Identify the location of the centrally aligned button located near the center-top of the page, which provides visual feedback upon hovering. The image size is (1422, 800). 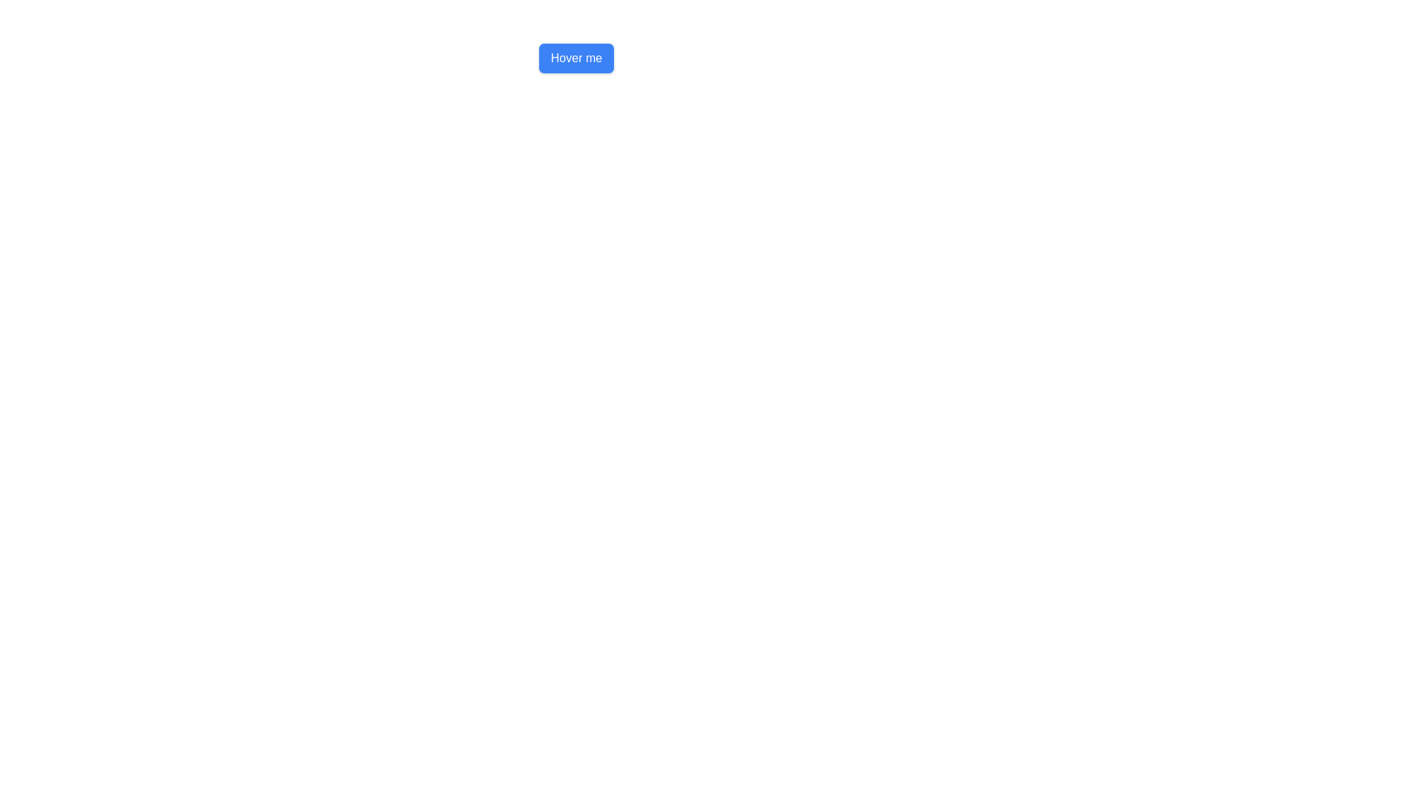
(575, 57).